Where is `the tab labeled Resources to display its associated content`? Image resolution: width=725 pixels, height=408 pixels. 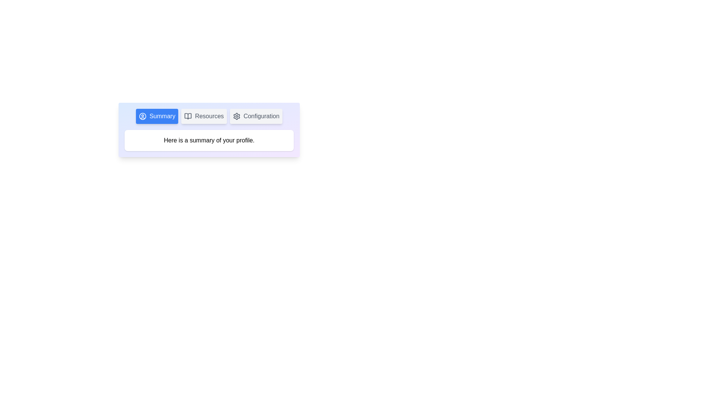 the tab labeled Resources to display its associated content is located at coordinates (204, 116).